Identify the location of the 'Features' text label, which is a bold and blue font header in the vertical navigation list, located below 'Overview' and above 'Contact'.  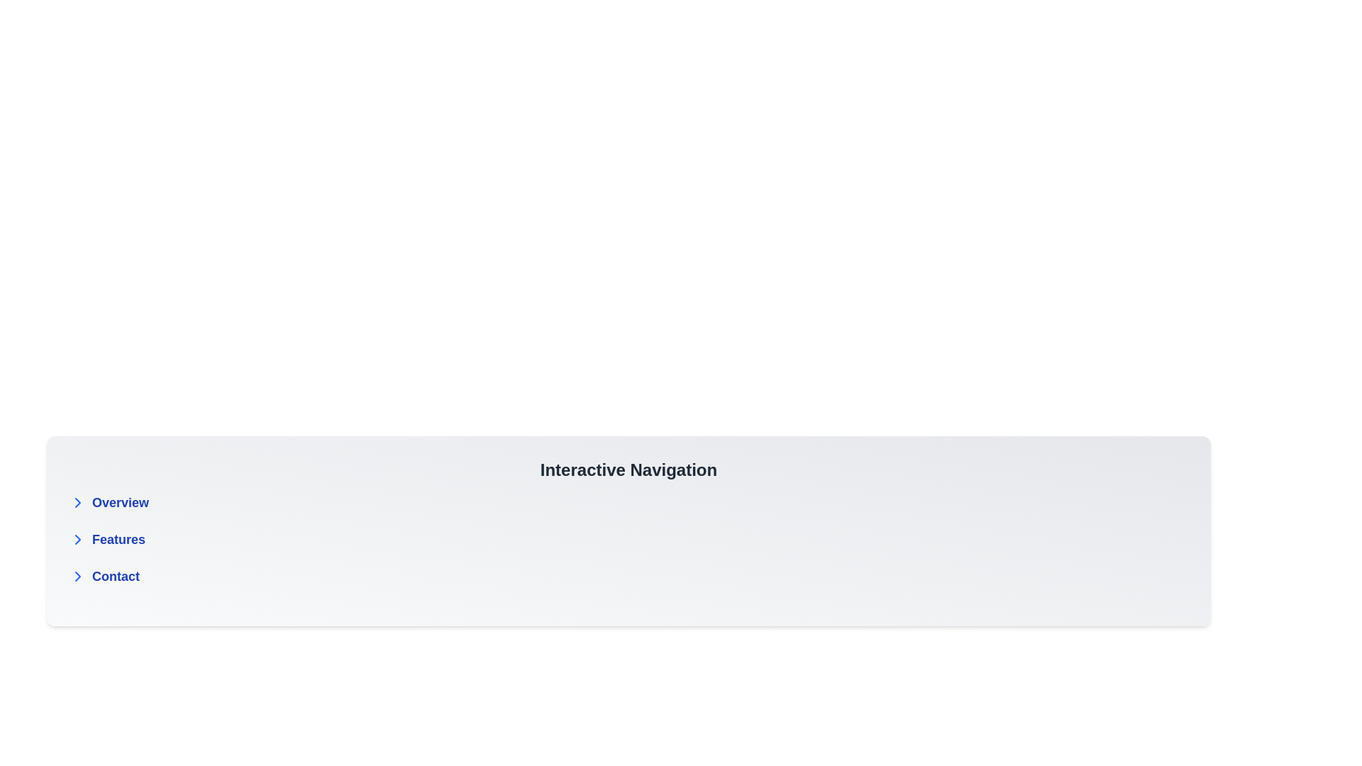
(118, 539).